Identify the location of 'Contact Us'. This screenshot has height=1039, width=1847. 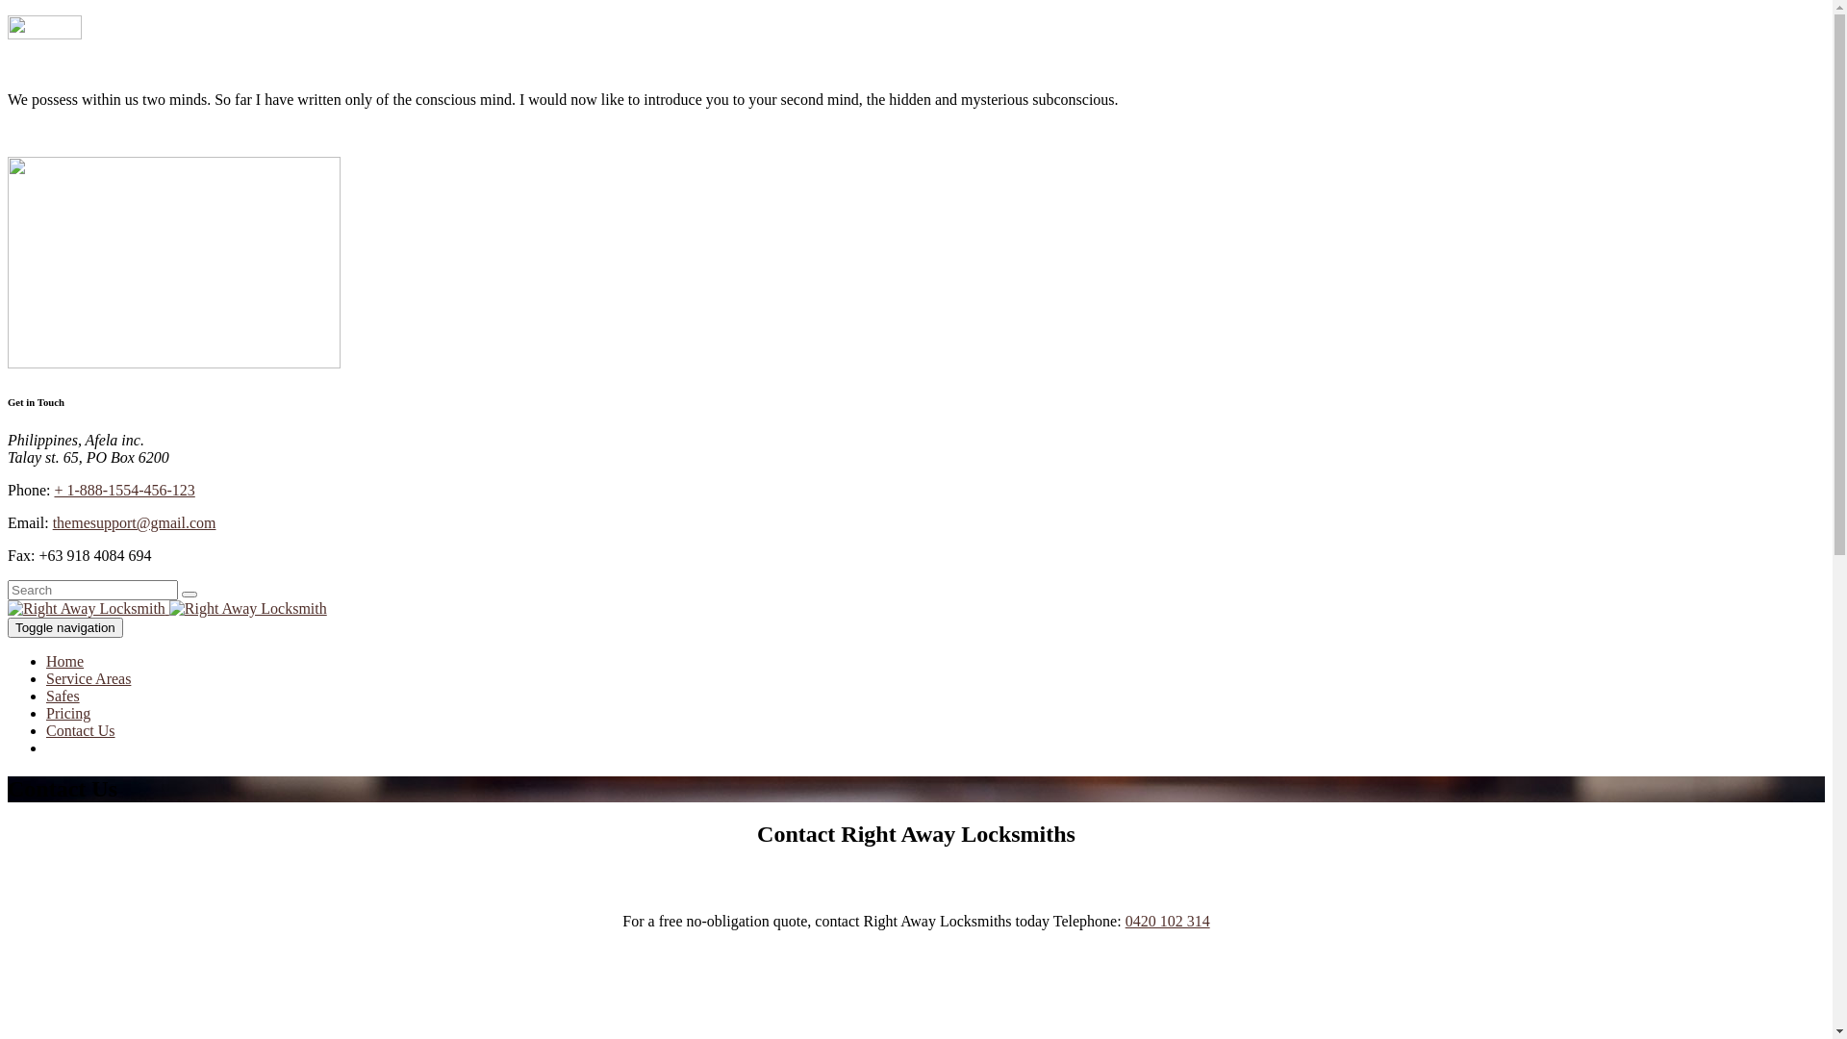
(79, 730).